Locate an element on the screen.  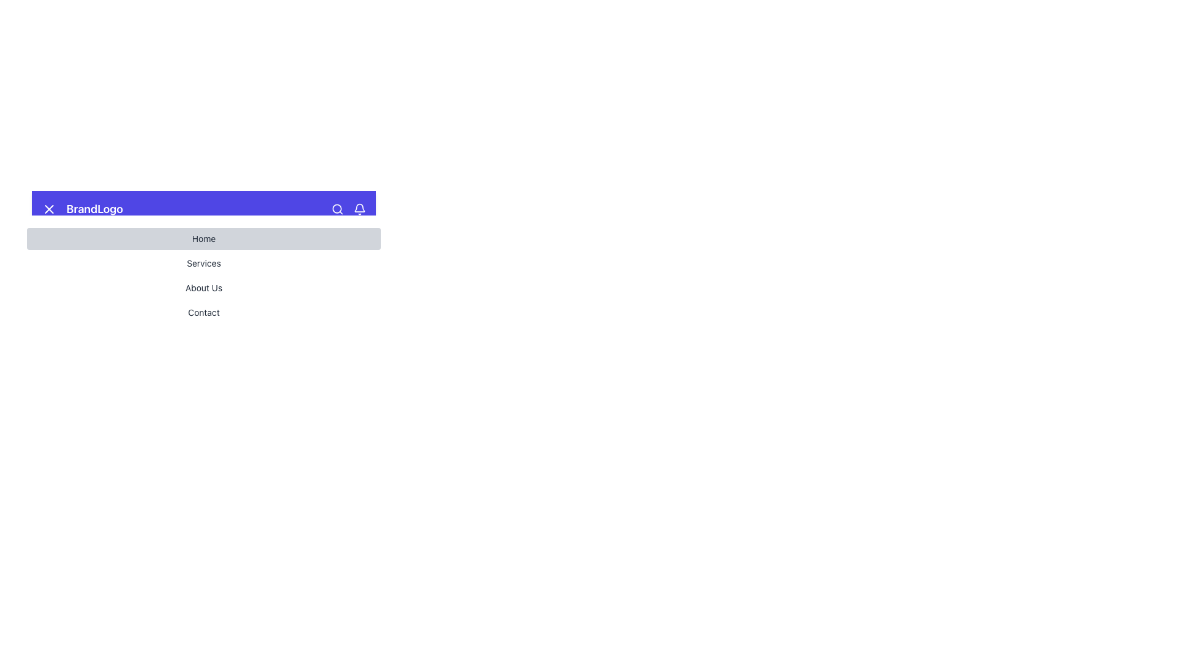
the Interactive icon (SVG graphic) represented by a diagonal cross (X) symbol located in the top-left corner of the navigation bar, directly to the left of the 'BrandLogo' text is located at coordinates (49, 208).